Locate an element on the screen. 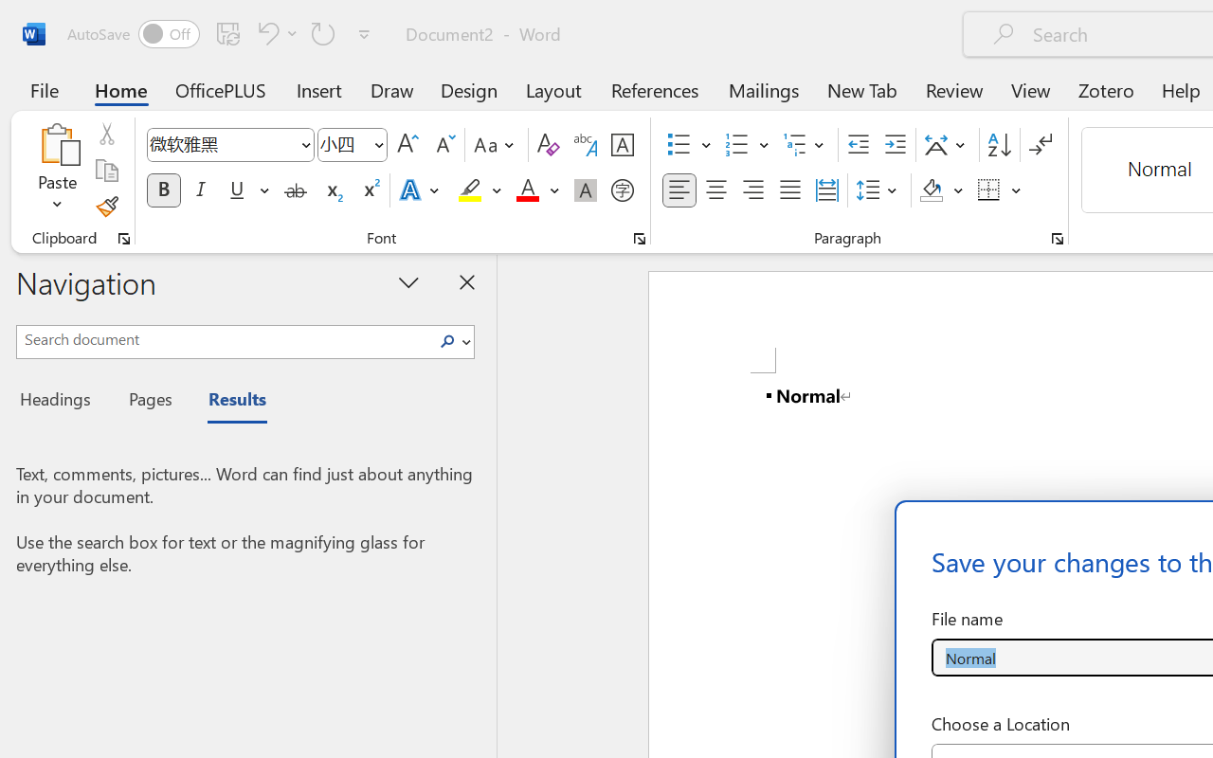 This screenshot has height=758, width=1213. 'Borders' is located at coordinates (999, 190).